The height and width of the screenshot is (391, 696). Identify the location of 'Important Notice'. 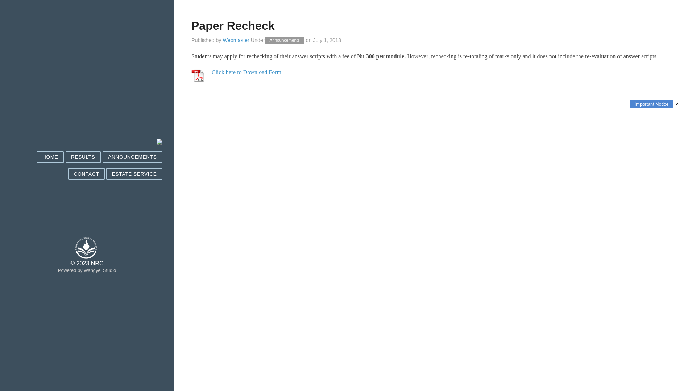
(651, 104).